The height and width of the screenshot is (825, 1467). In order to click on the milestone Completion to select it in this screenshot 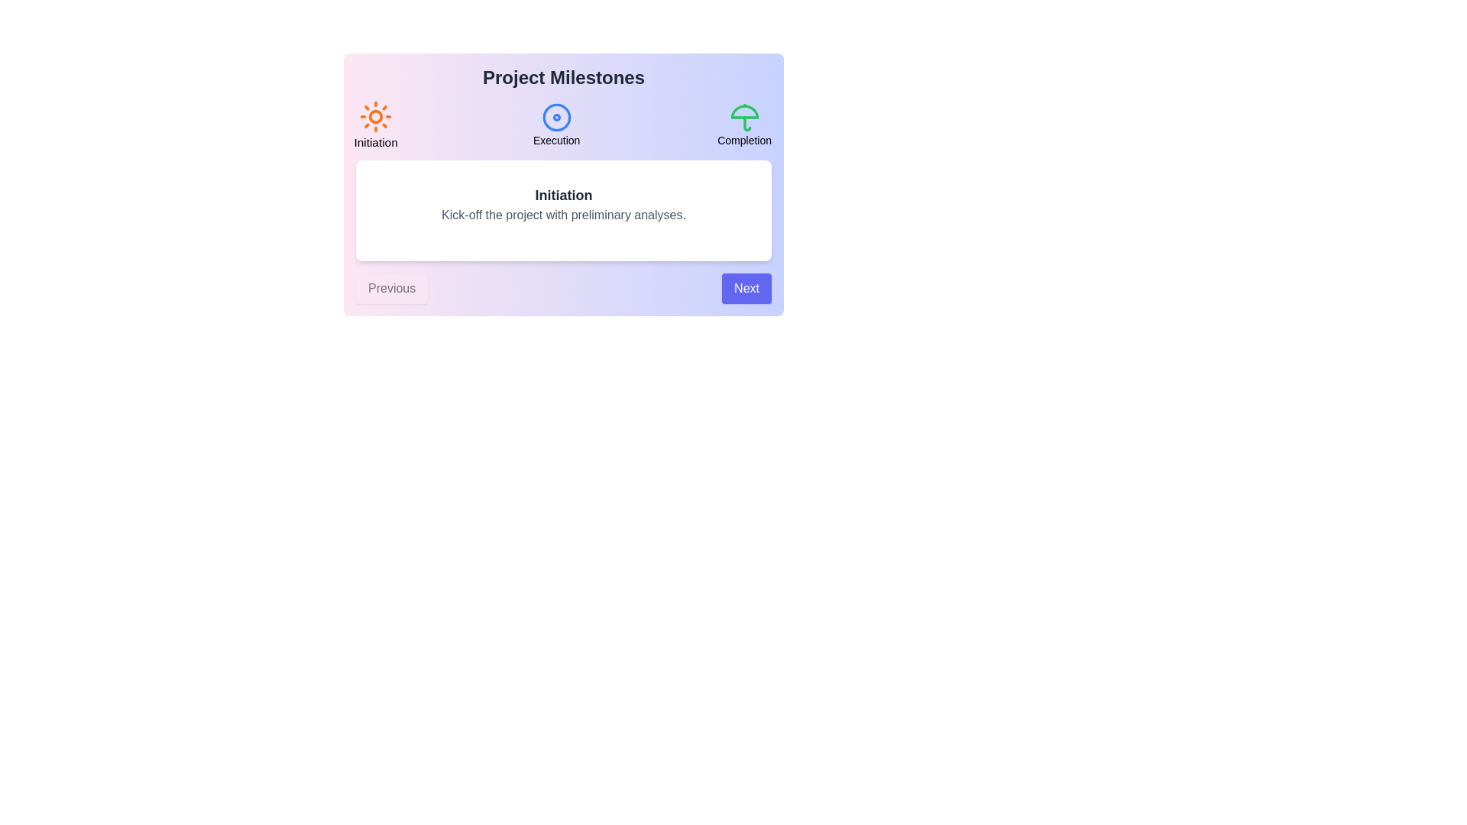, I will do `click(744, 125)`.